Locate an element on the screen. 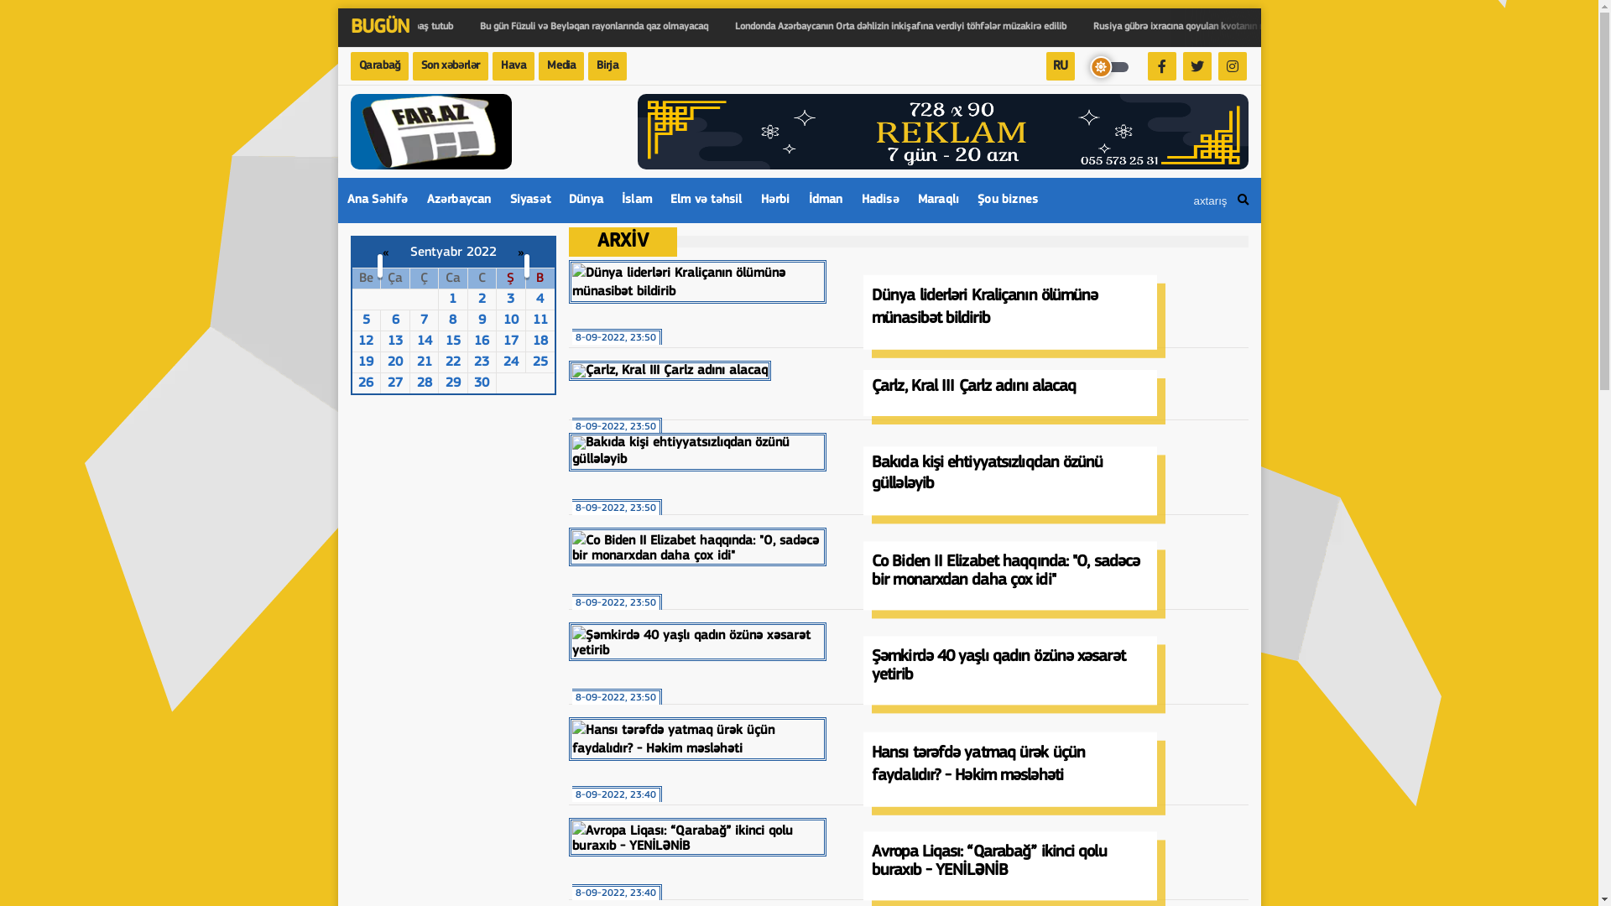  '30' is located at coordinates (481, 383).